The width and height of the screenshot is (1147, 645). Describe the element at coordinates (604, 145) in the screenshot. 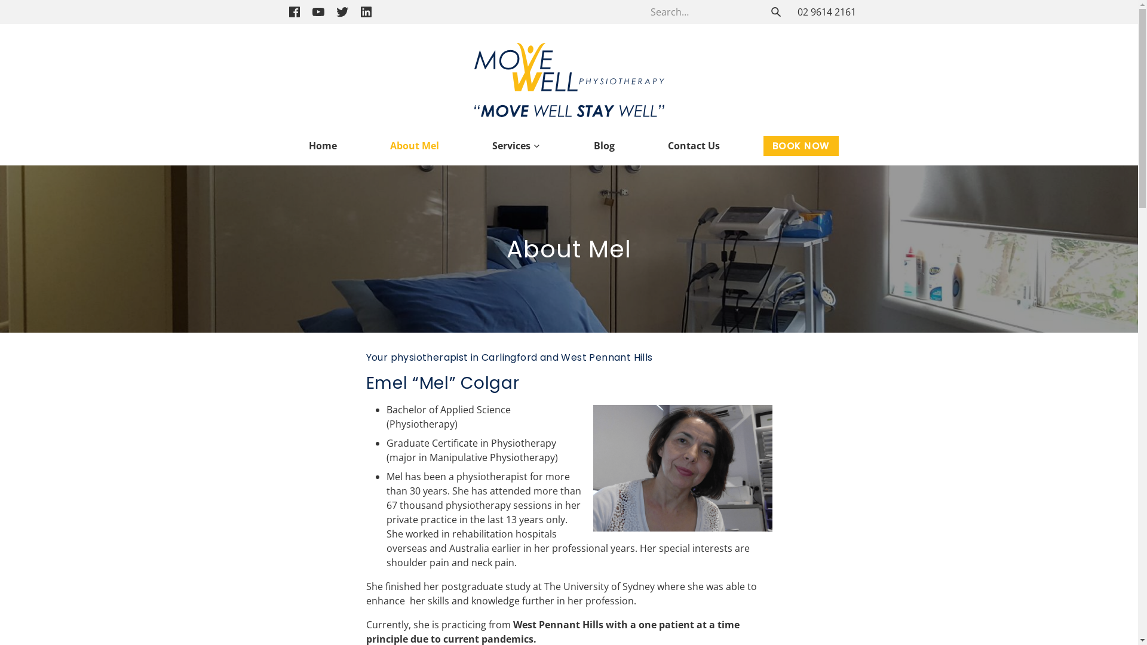

I see `'Blog'` at that location.